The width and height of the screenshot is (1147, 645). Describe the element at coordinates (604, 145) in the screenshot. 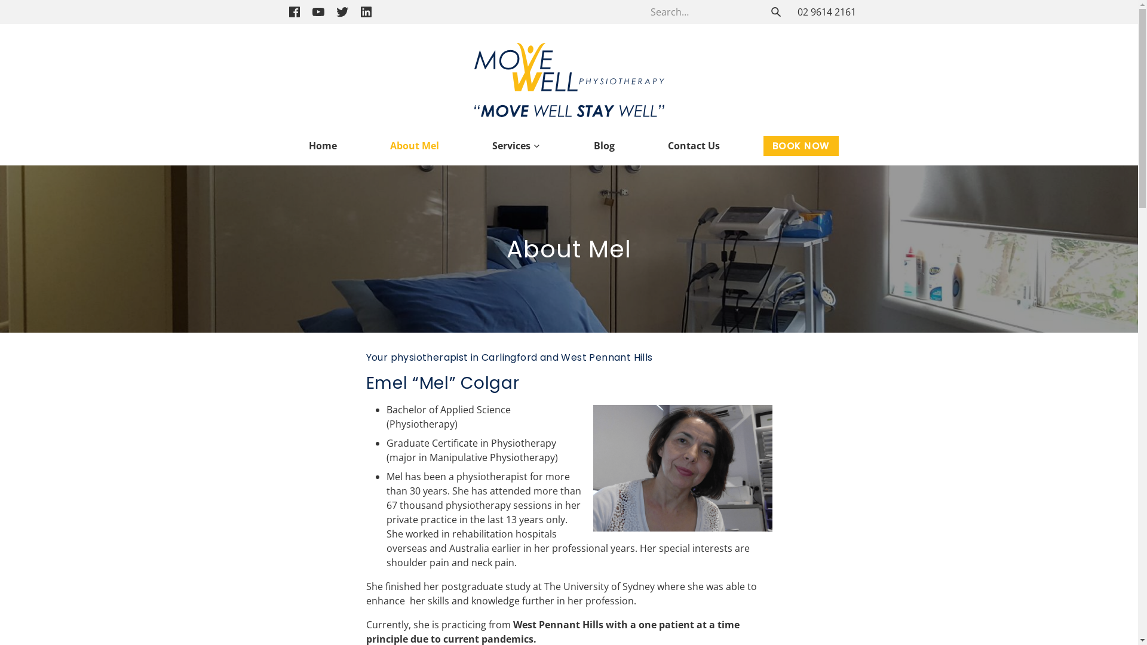

I see `'Blog'` at that location.